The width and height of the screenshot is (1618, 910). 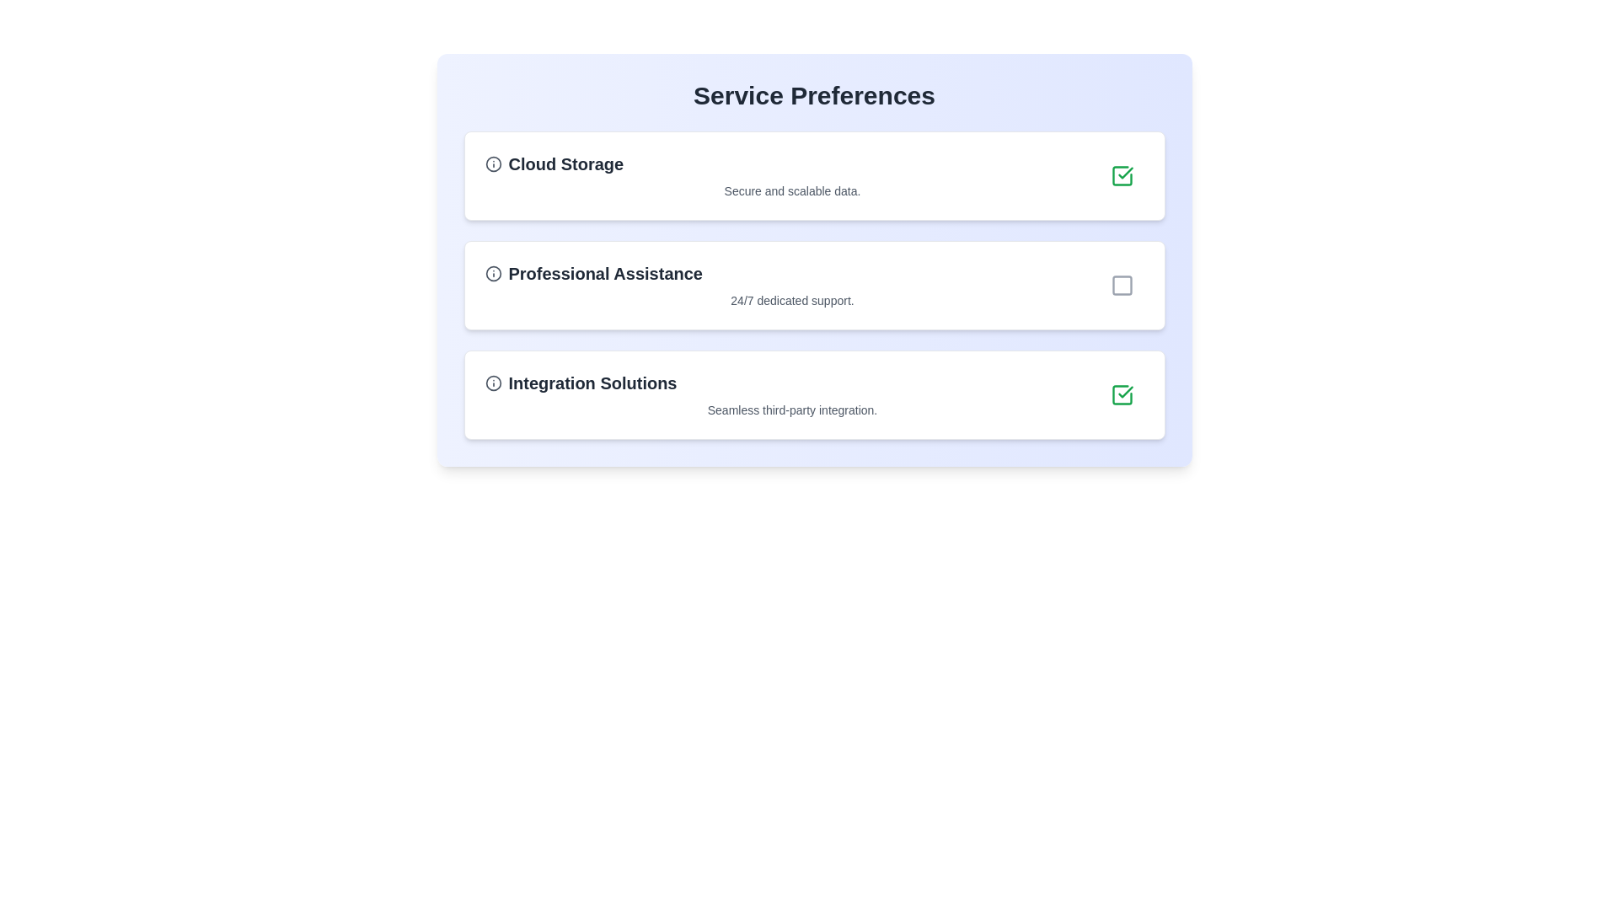 What do you see at coordinates (1122, 395) in the screenshot?
I see `the square checkbox with rounded corners that features a green checkmark, located at the far right of the third section of the Service Preferences card, aligning with the 'Integration Solutions' label` at bounding box center [1122, 395].